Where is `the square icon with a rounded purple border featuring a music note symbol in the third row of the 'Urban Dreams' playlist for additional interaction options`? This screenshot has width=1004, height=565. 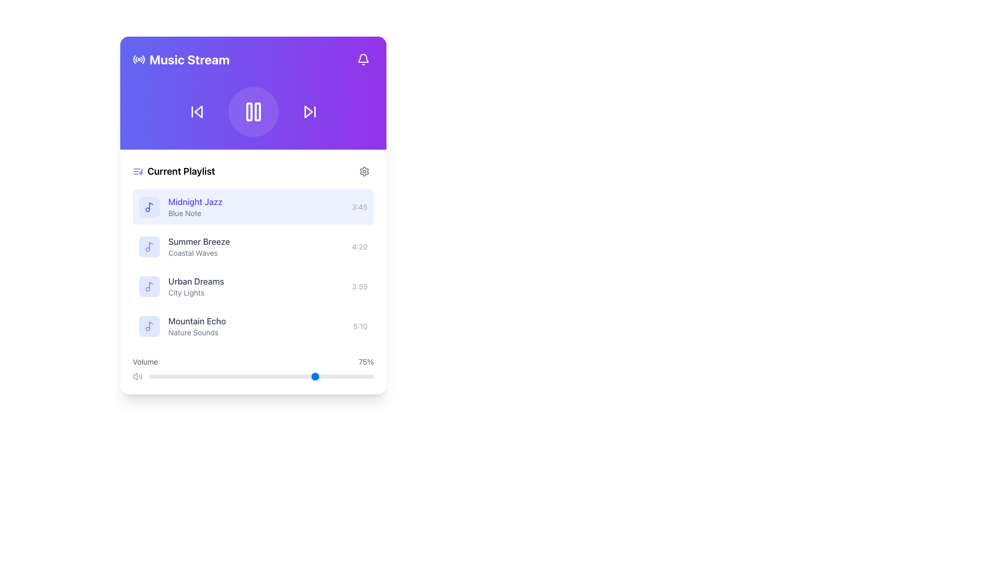 the square icon with a rounded purple border featuring a music note symbol in the third row of the 'Urban Dreams' playlist for additional interaction options is located at coordinates (149, 286).